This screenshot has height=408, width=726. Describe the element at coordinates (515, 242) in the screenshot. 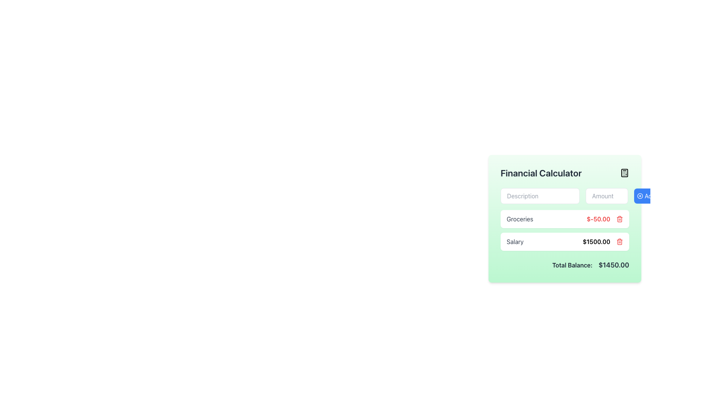

I see `the 'Salary' static text label in the Financial Calculator panel, which is rendered in gray font and positioned above the '$1500.00' value` at that location.